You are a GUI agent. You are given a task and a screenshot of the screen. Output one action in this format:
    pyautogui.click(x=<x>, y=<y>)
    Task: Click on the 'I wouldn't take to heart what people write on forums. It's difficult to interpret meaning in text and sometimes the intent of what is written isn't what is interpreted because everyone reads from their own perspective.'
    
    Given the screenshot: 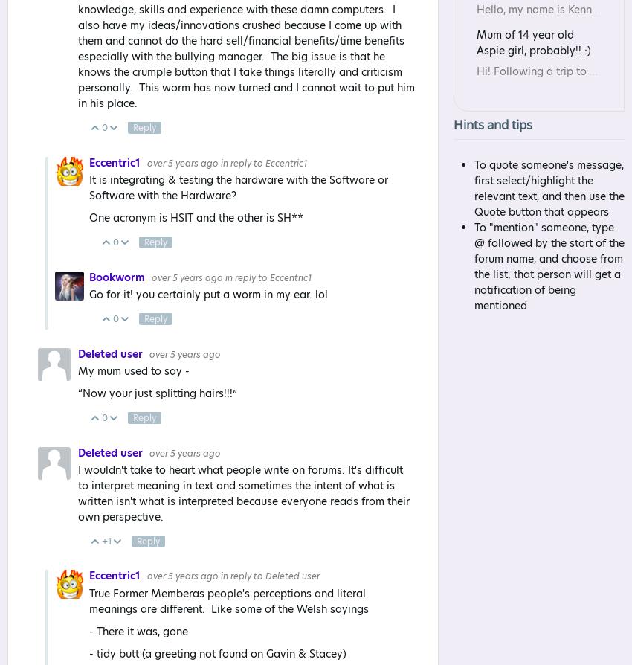 What is the action you would take?
    pyautogui.click(x=244, y=493)
    